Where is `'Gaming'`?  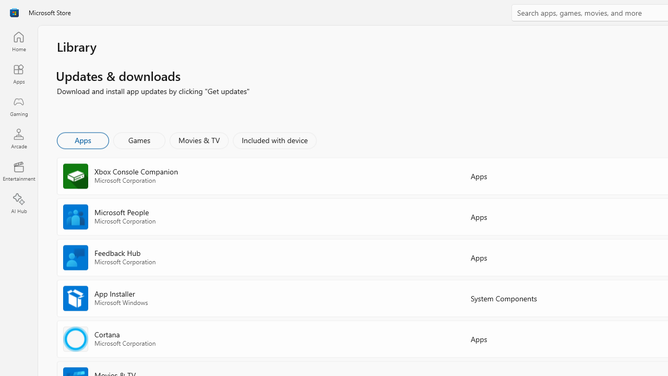
'Gaming' is located at coordinates (18, 106).